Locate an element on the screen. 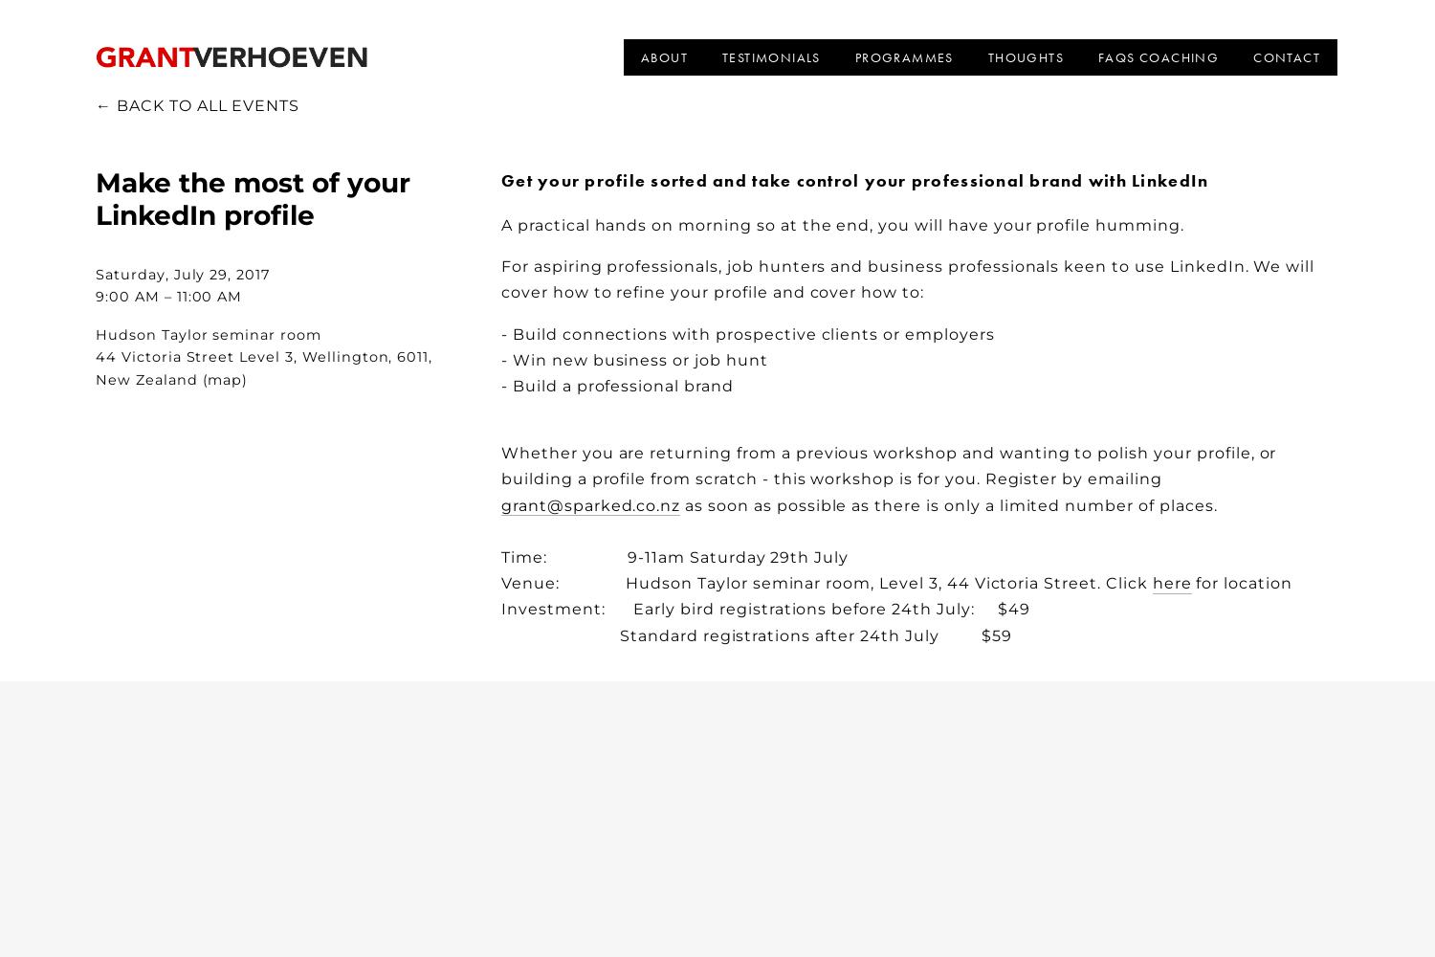 This screenshot has height=957, width=1435. 'New Zealand' is located at coordinates (95, 379).